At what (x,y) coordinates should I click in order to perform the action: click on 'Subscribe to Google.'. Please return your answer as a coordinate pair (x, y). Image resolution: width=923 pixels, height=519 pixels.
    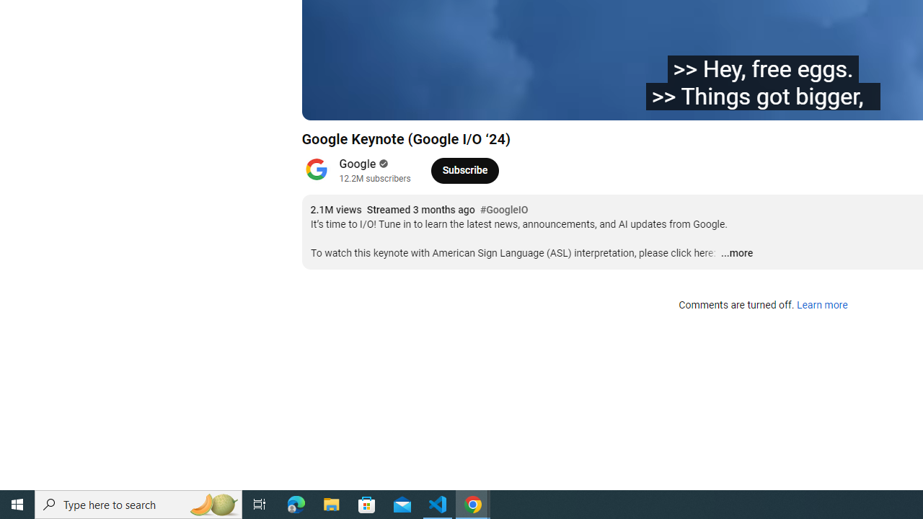
    Looking at the image, I should click on (464, 169).